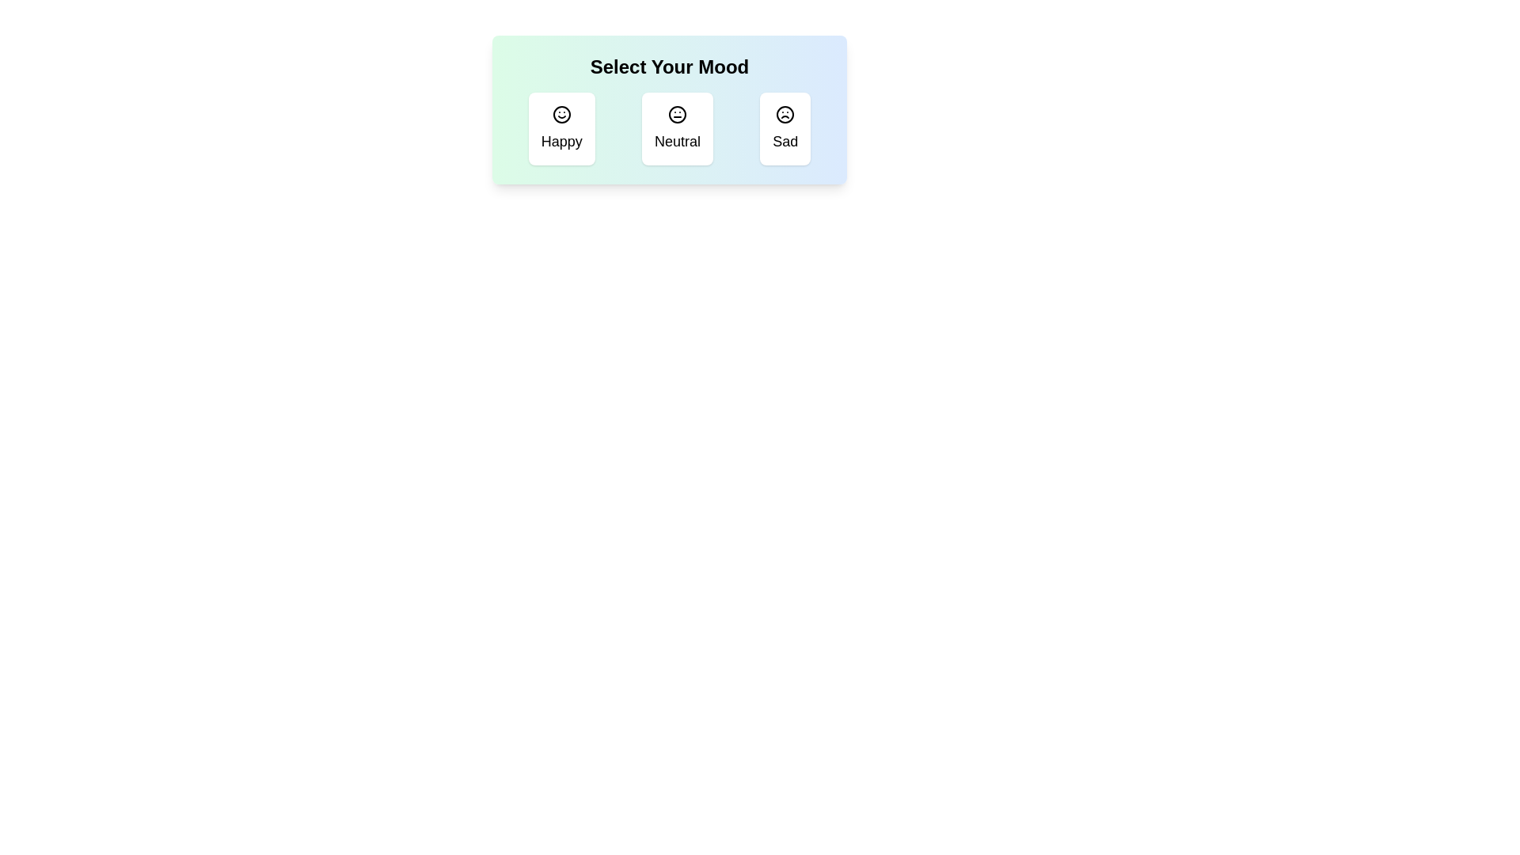 Image resolution: width=1520 pixels, height=855 pixels. Describe the element at coordinates (677, 127) in the screenshot. I see `the mood Neutral` at that location.